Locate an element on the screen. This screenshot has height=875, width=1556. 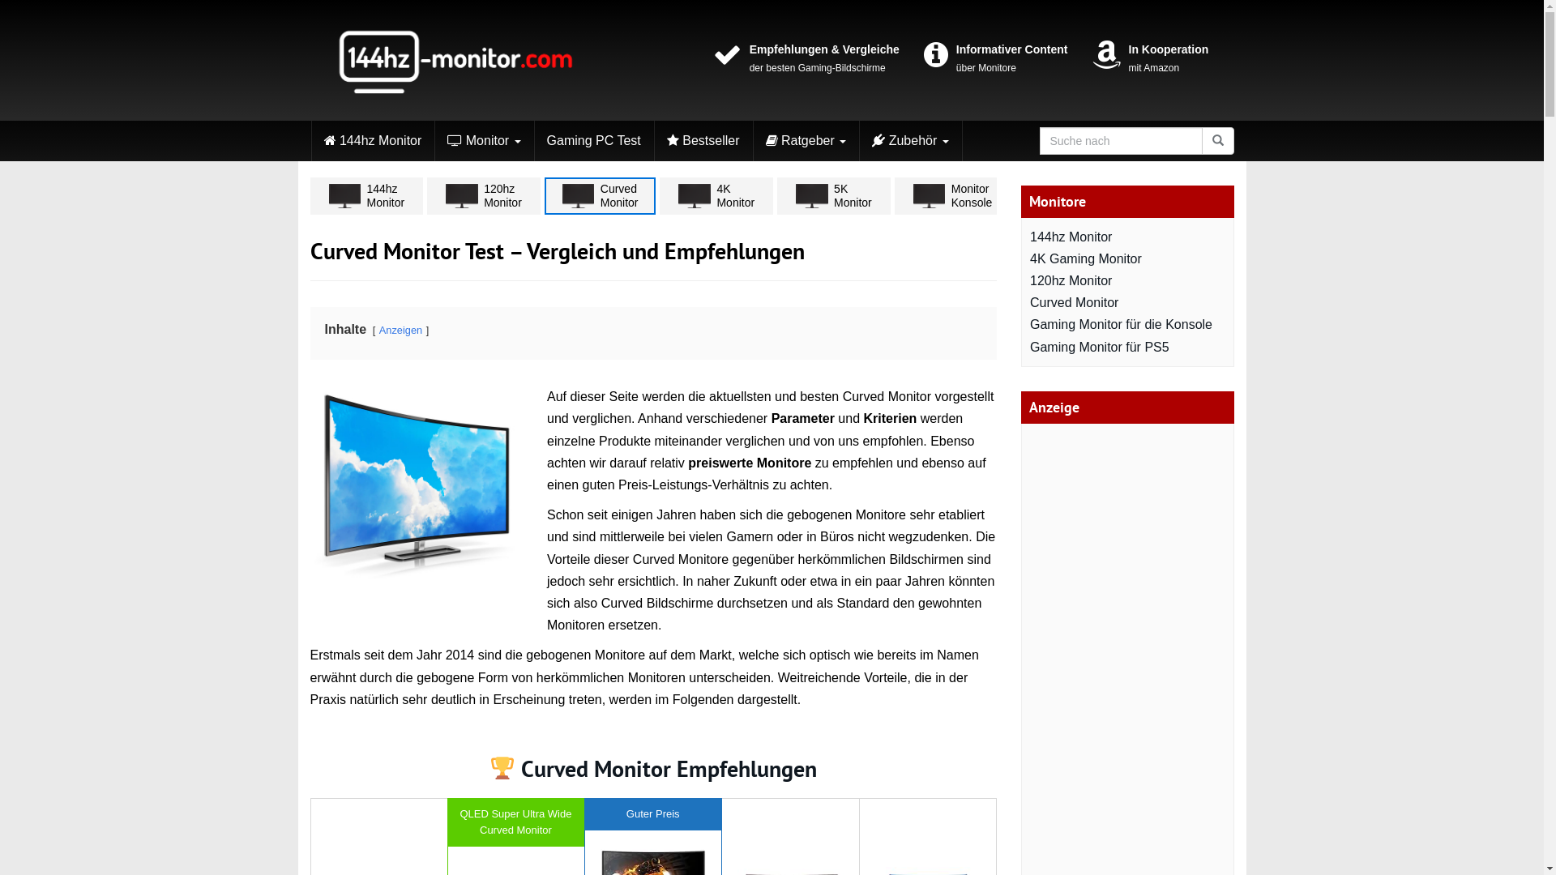
'144hz-monitor.com' is located at coordinates (454, 59).